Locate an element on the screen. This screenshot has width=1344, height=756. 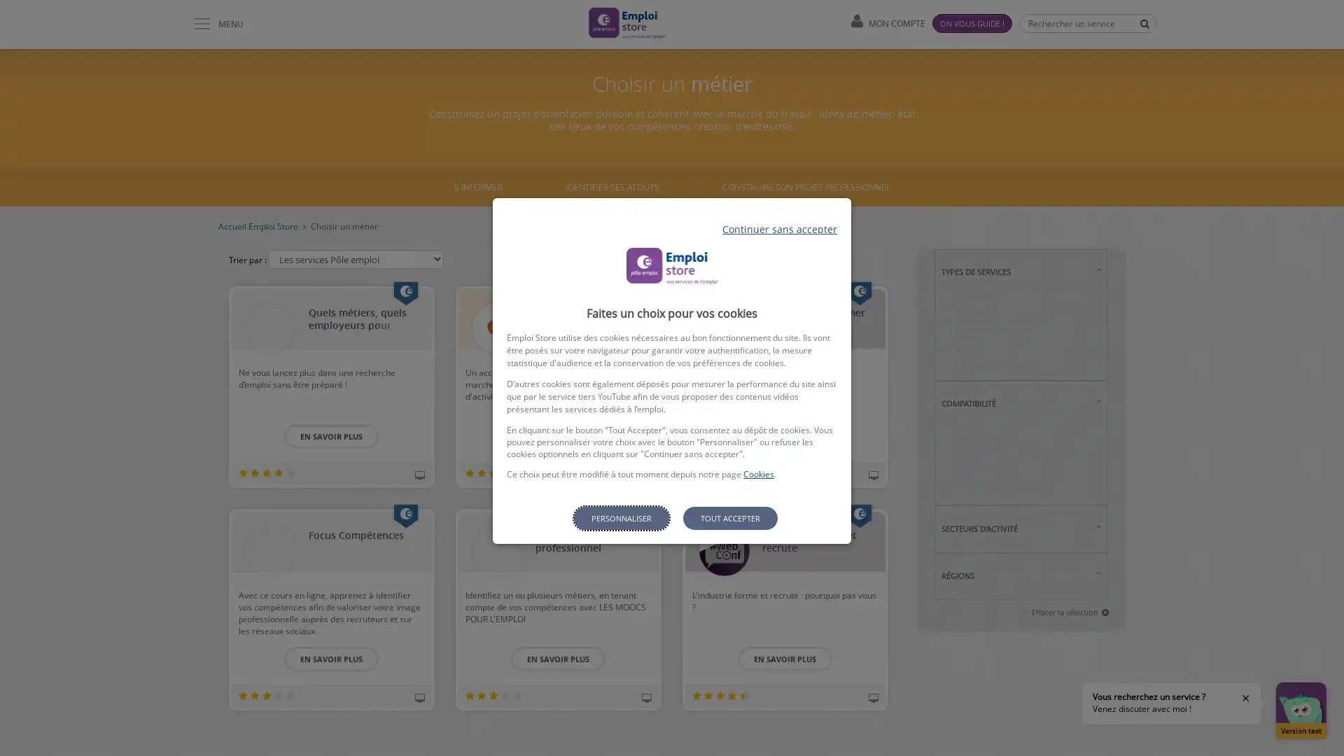
Tout accepter is located at coordinates (729, 518).